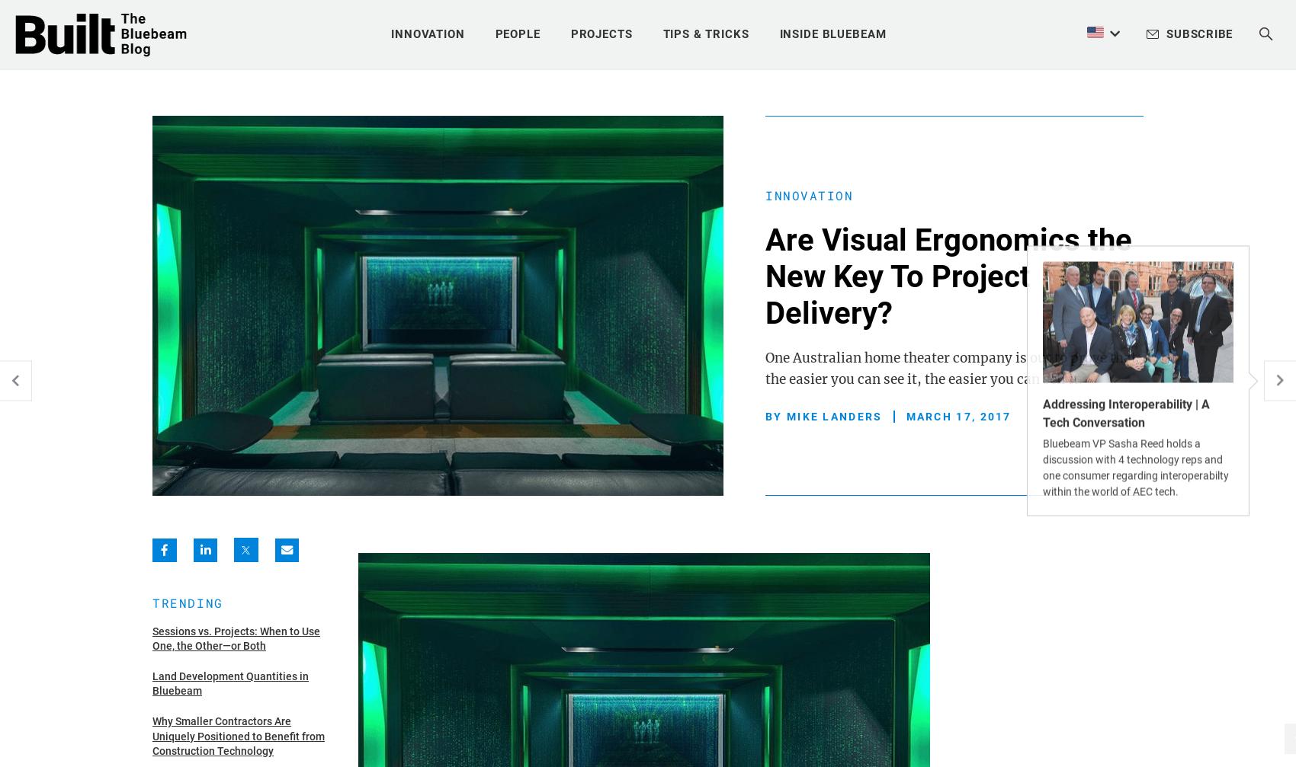 The height and width of the screenshot is (767, 1296). What do you see at coordinates (1125, 412) in the screenshot?
I see `'Addressing Interoperability | A Tech Conversation'` at bounding box center [1125, 412].